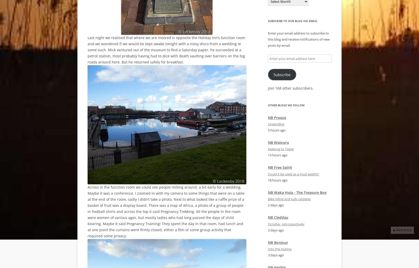 The height and width of the screenshot is (268, 419). I want to click on 'Unwinding', so click(276, 124).